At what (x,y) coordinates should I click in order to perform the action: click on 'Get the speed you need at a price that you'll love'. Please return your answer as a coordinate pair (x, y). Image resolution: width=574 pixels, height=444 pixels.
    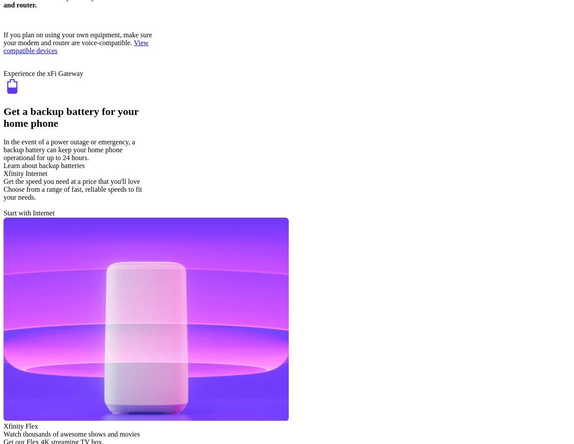
    Looking at the image, I should click on (71, 181).